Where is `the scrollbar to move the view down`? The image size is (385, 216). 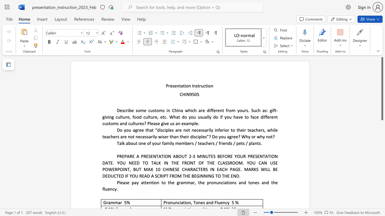
the scrollbar to move the view down is located at coordinates (382, 144).